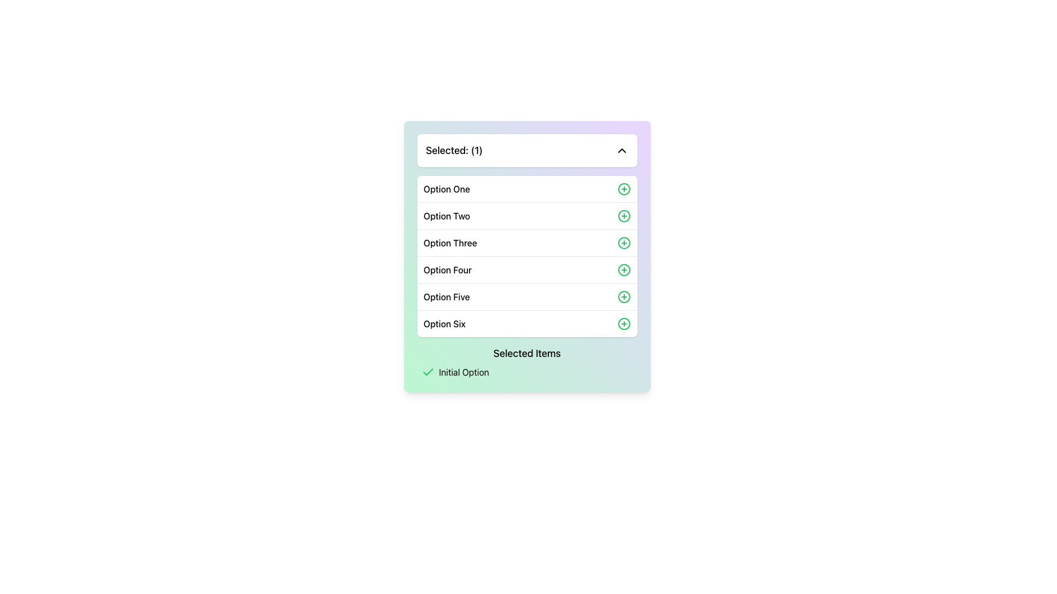  What do you see at coordinates (448, 269) in the screenshot?
I see `the static text label displaying 'Option Four', which is located on the fourth line of a vertical list under a dropdown interface and to the left of a '+' icon` at bounding box center [448, 269].